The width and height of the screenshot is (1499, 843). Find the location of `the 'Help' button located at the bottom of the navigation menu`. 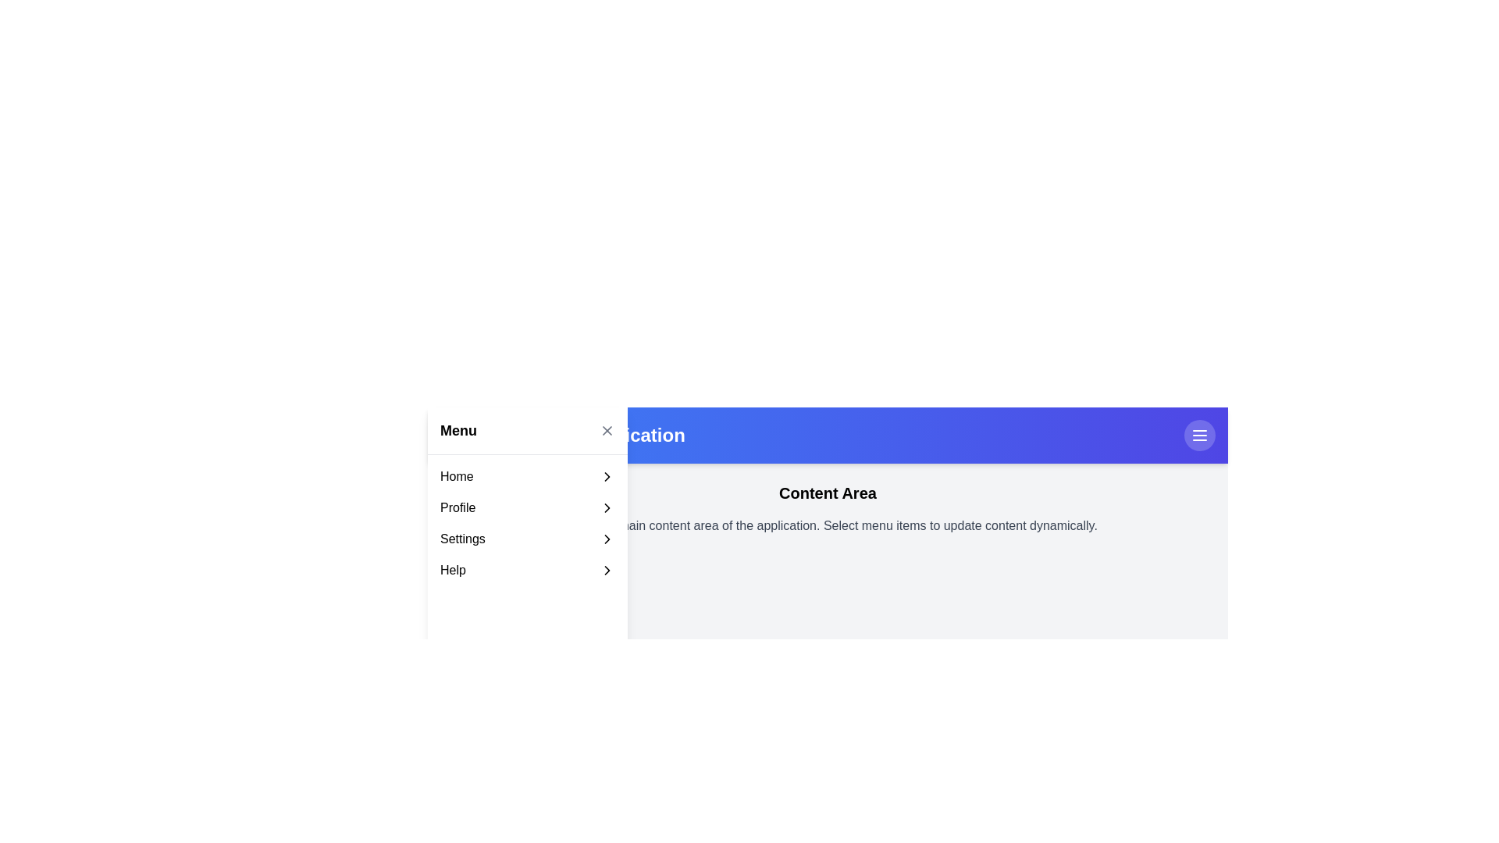

the 'Help' button located at the bottom of the navigation menu is located at coordinates (528, 571).